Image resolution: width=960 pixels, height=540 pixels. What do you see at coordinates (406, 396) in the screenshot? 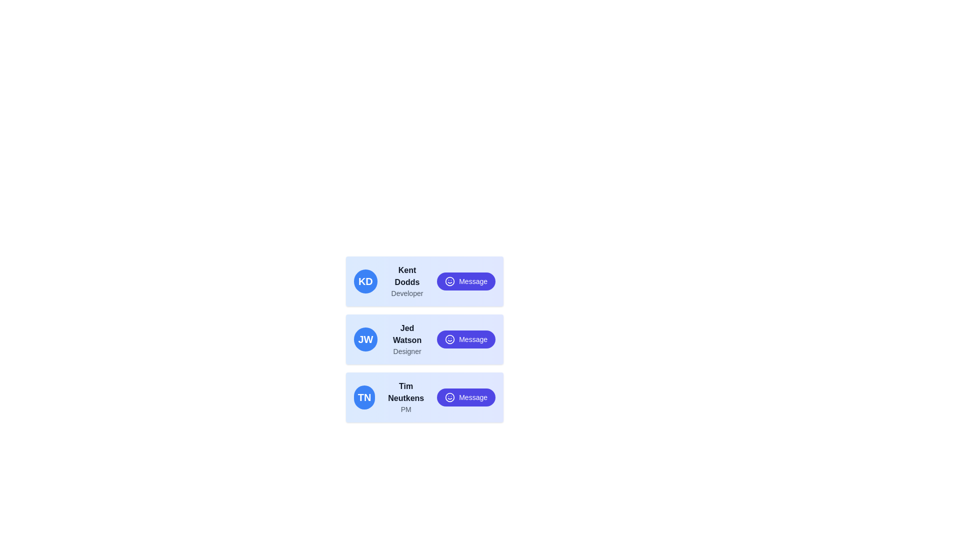
I see `the text block displaying the name and role of an individual within the third card, located in the middle-right section next to the circular initials 'TN' and to the left of the 'Message' button` at bounding box center [406, 396].